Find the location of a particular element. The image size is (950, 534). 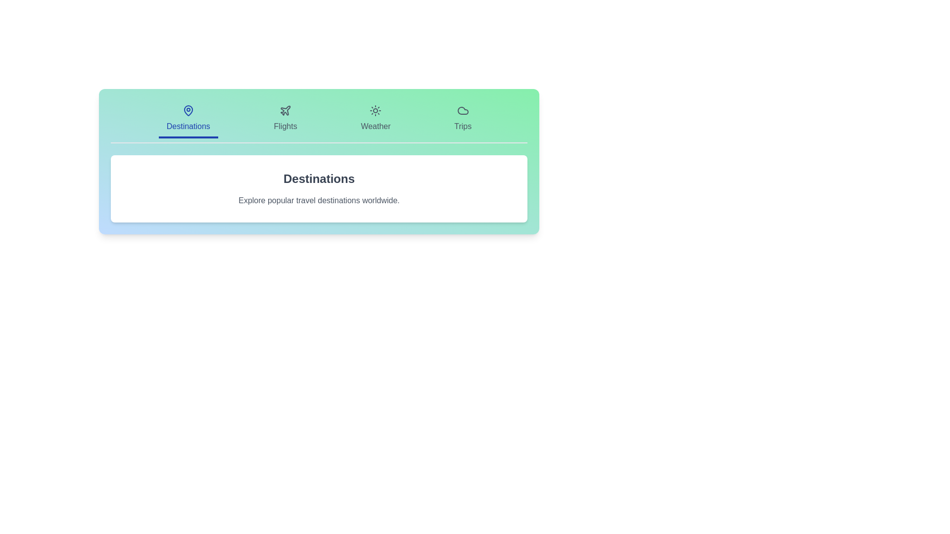

the tab labeled Destinations is located at coordinates (188, 119).